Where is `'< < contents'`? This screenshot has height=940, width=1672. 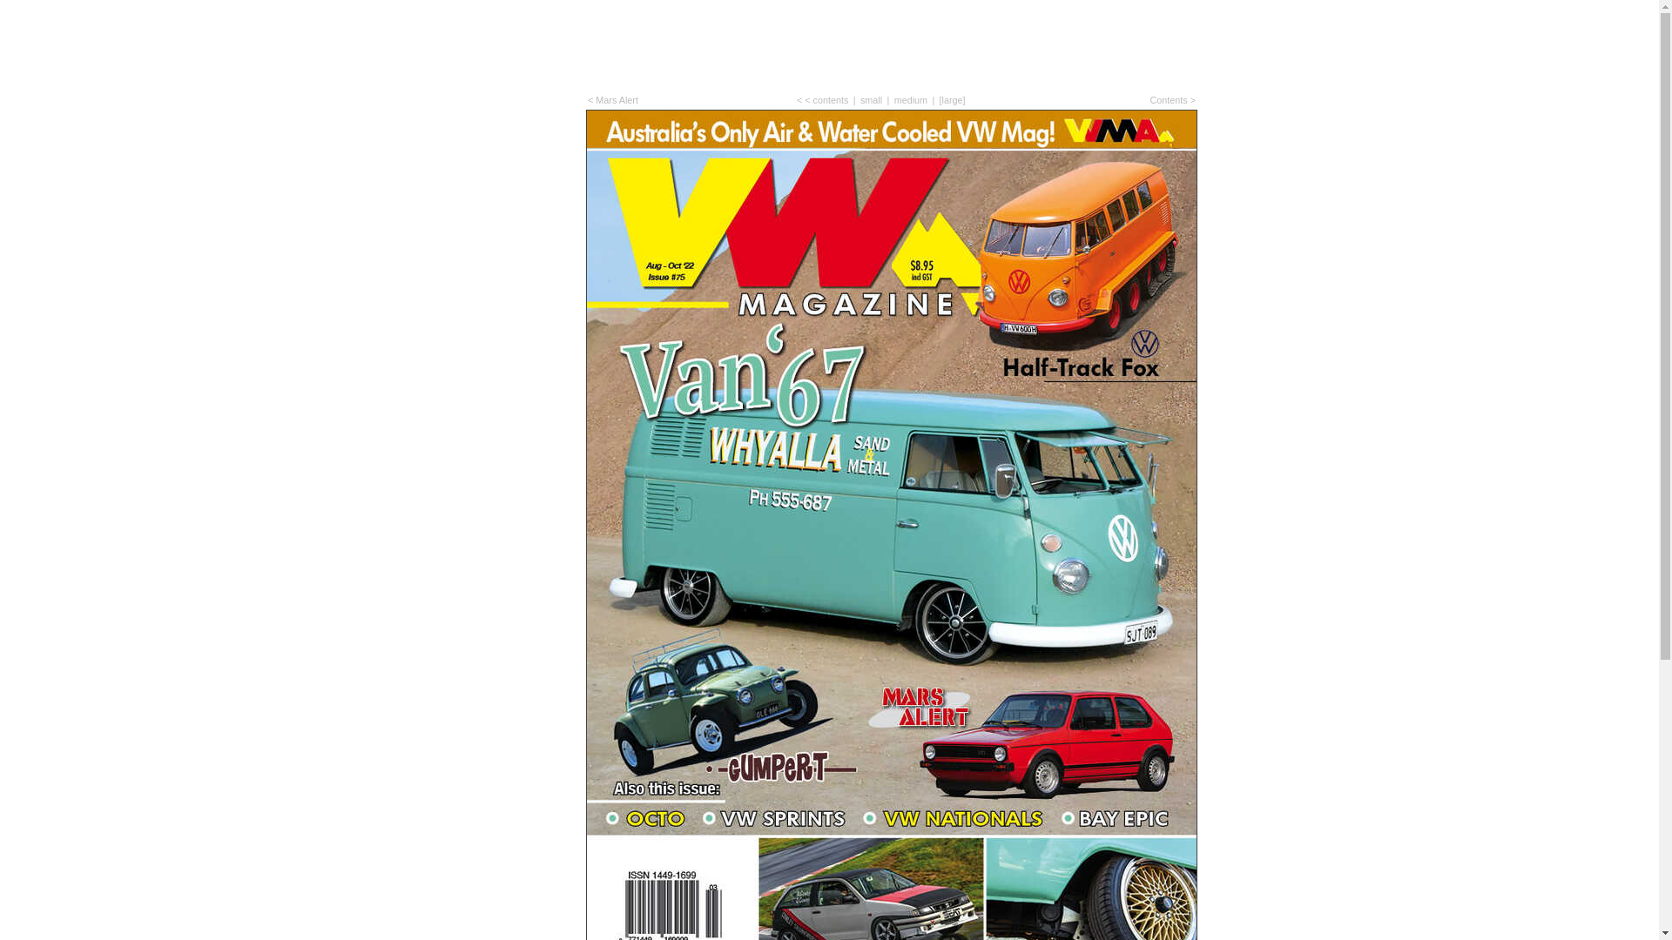
'< < contents' is located at coordinates (821, 100).